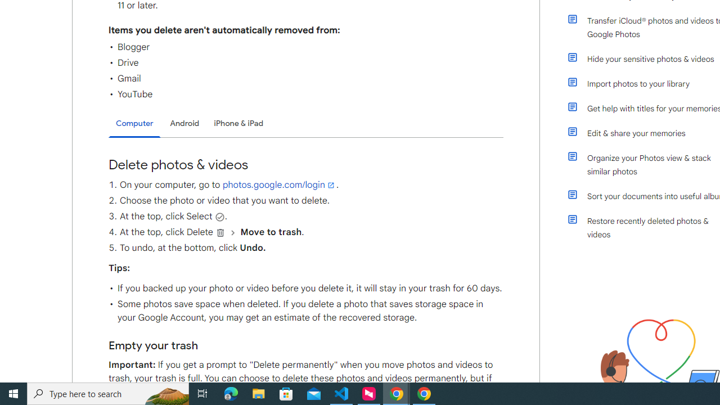 The height and width of the screenshot is (405, 720). What do you see at coordinates (219, 217) in the screenshot?
I see `'Select'` at bounding box center [219, 217].